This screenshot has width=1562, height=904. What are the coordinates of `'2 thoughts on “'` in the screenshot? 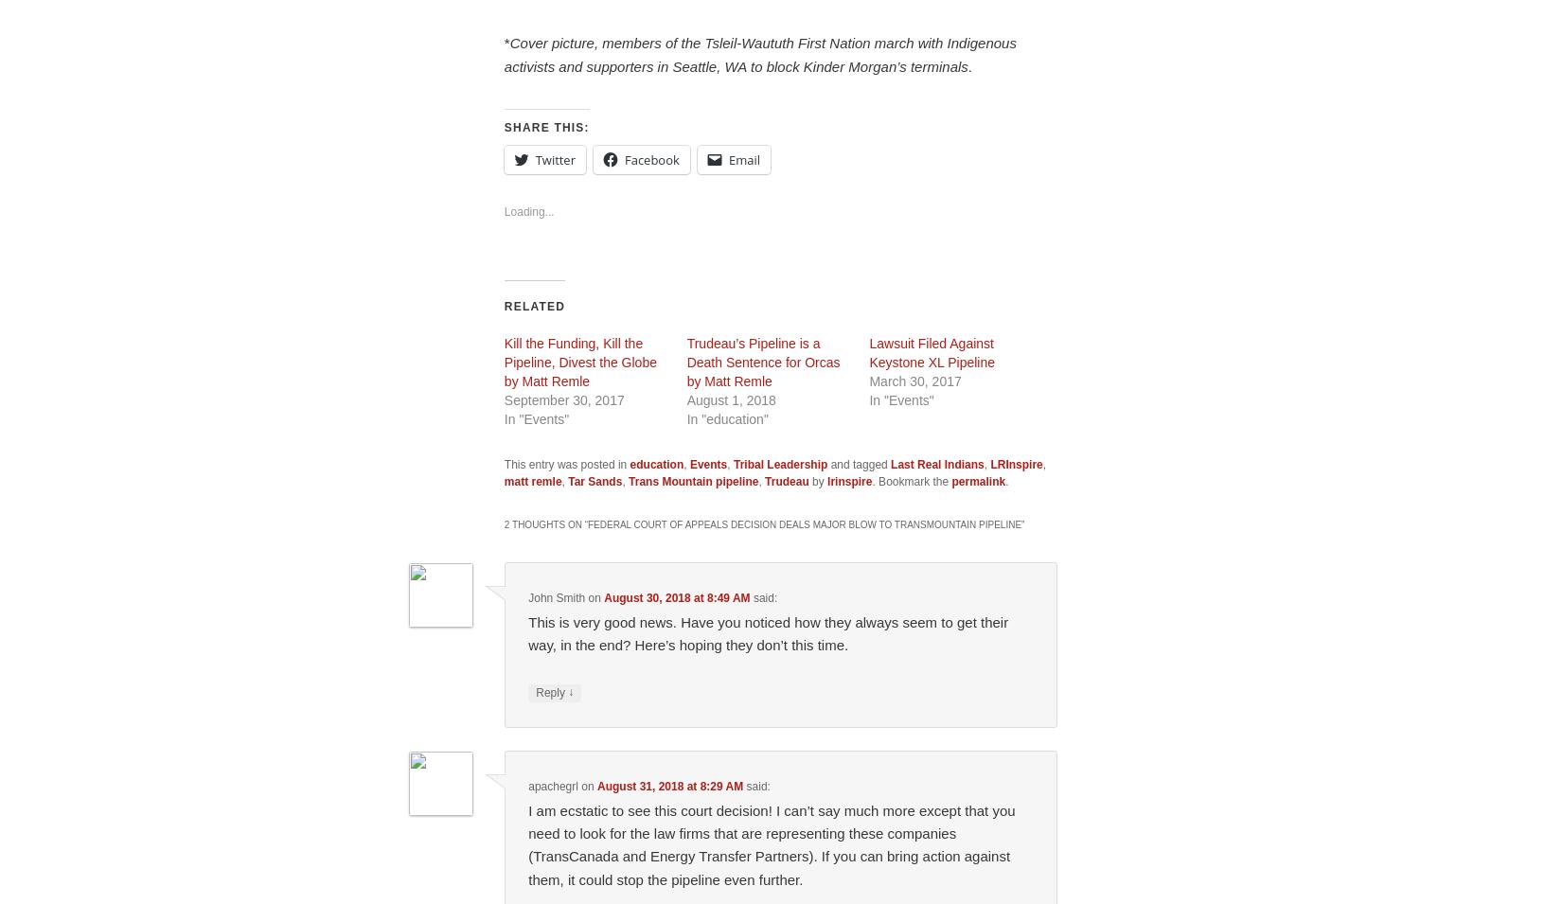 It's located at (544, 523).